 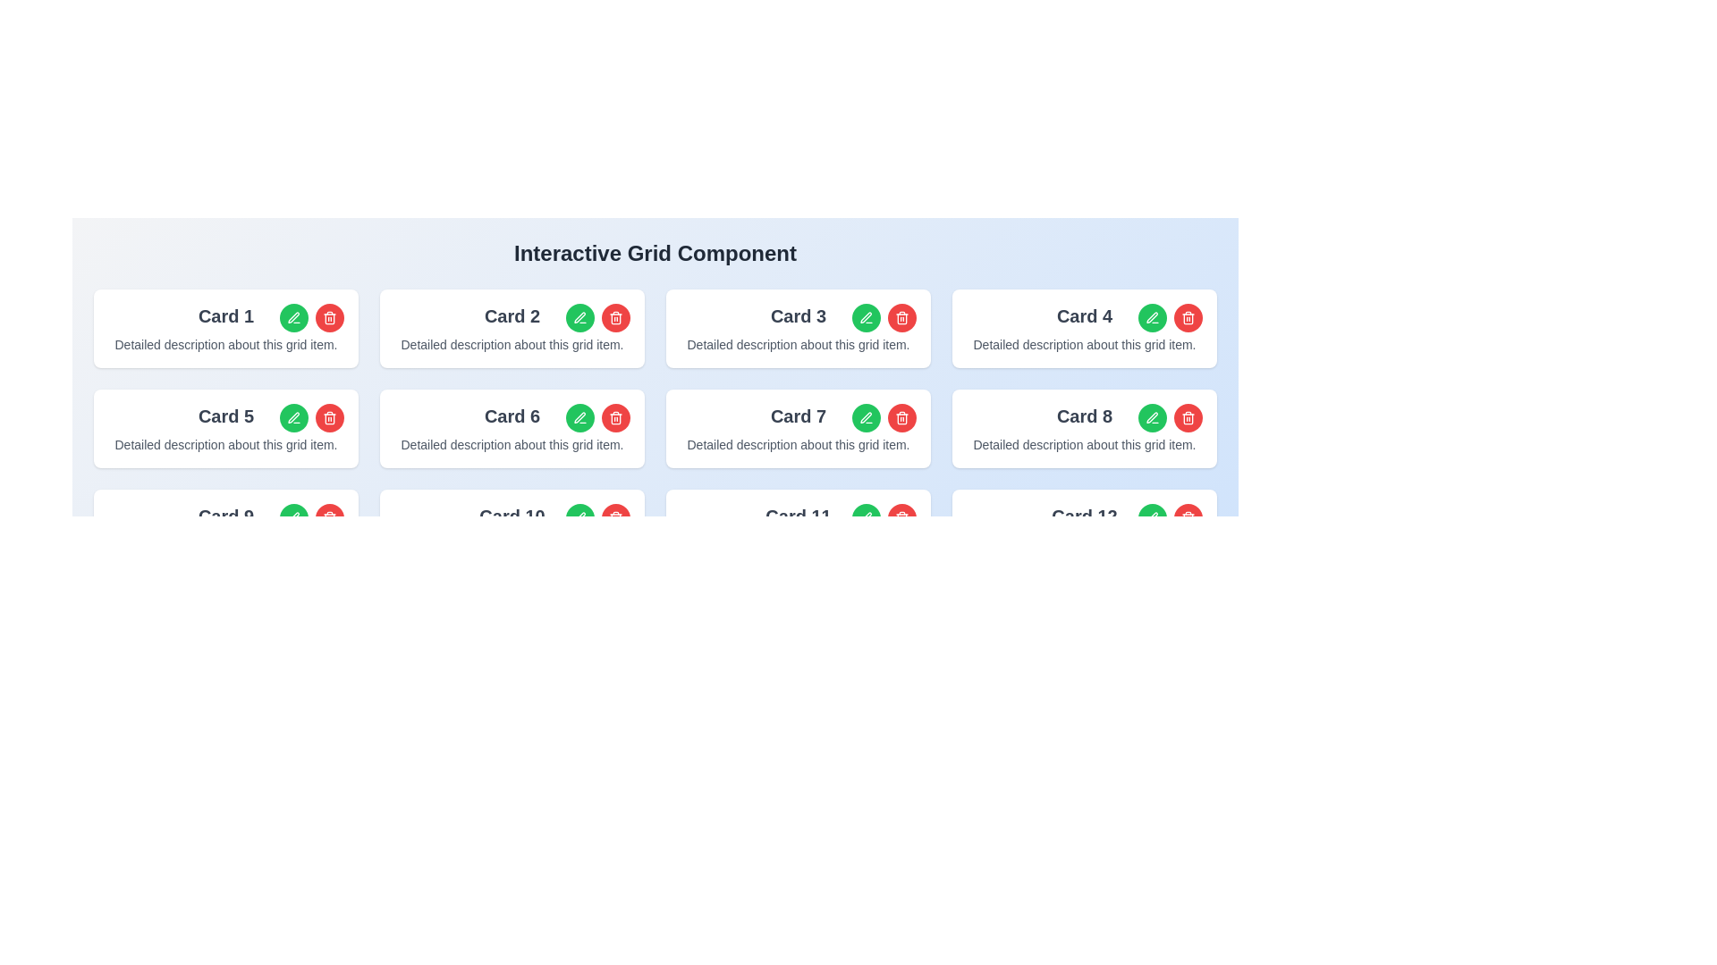 I want to click on text content of the text block displaying 'Detailed description about this grid item.' located below the 'Card 4' heading in the white card component, so click(x=1084, y=344).